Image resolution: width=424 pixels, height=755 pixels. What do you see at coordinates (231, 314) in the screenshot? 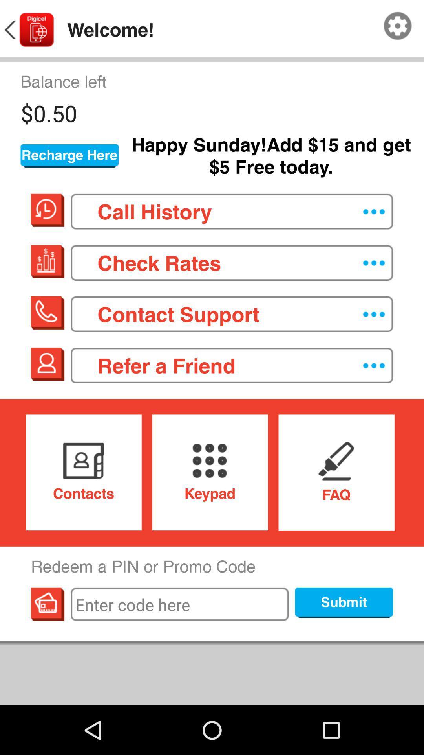
I see `icon below check rates icon` at bounding box center [231, 314].